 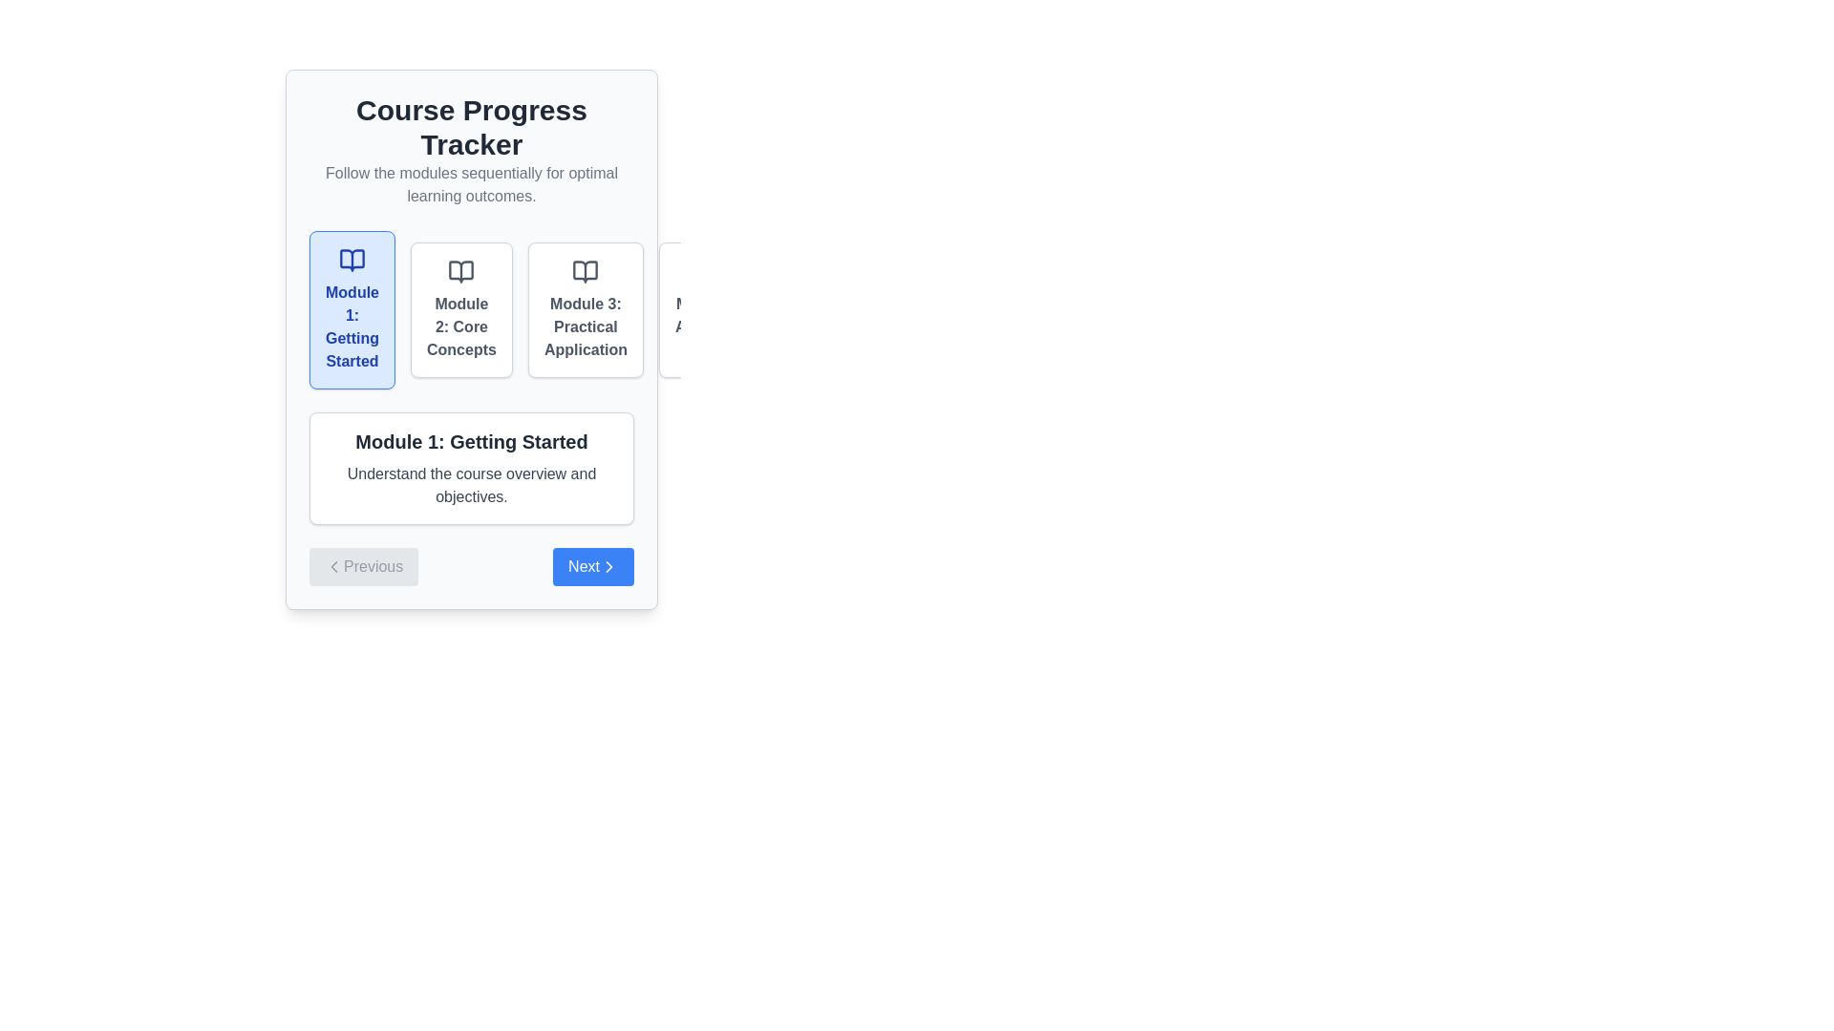 What do you see at coordinates (461, 326) in the screenshot?
I see `the text label reading 'Module 2: Core Concepts', which is centrally located within its card, between 'Module 1: Getting Started' and 'Module 3: Practical Application'` at bounding box center [461, 326].